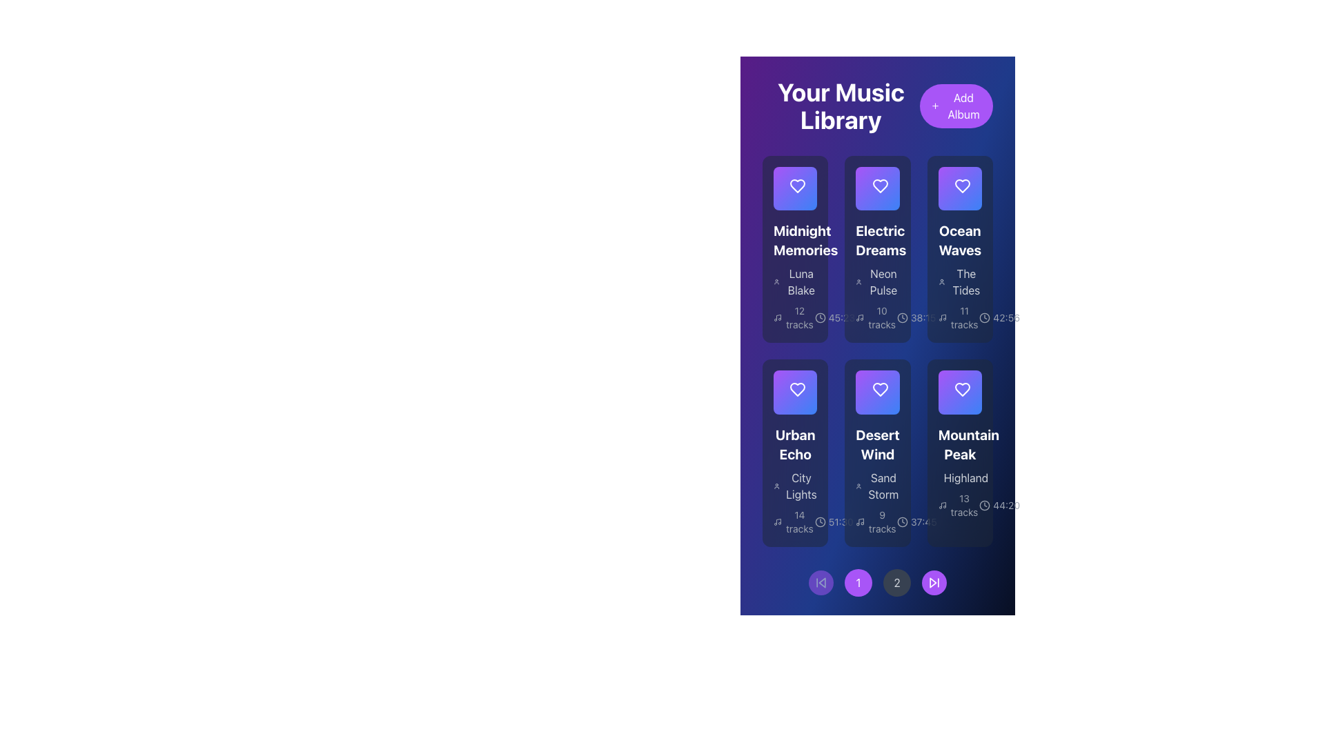 Image resolution: width=1325 pixels, height=745 pixels. What do you see at coordinates (859, 521) in the screenshot?
I see `the music icon located to the left of the '9 tracks' text within the 'Desert Wind' card` at bounding box center [859, 521].